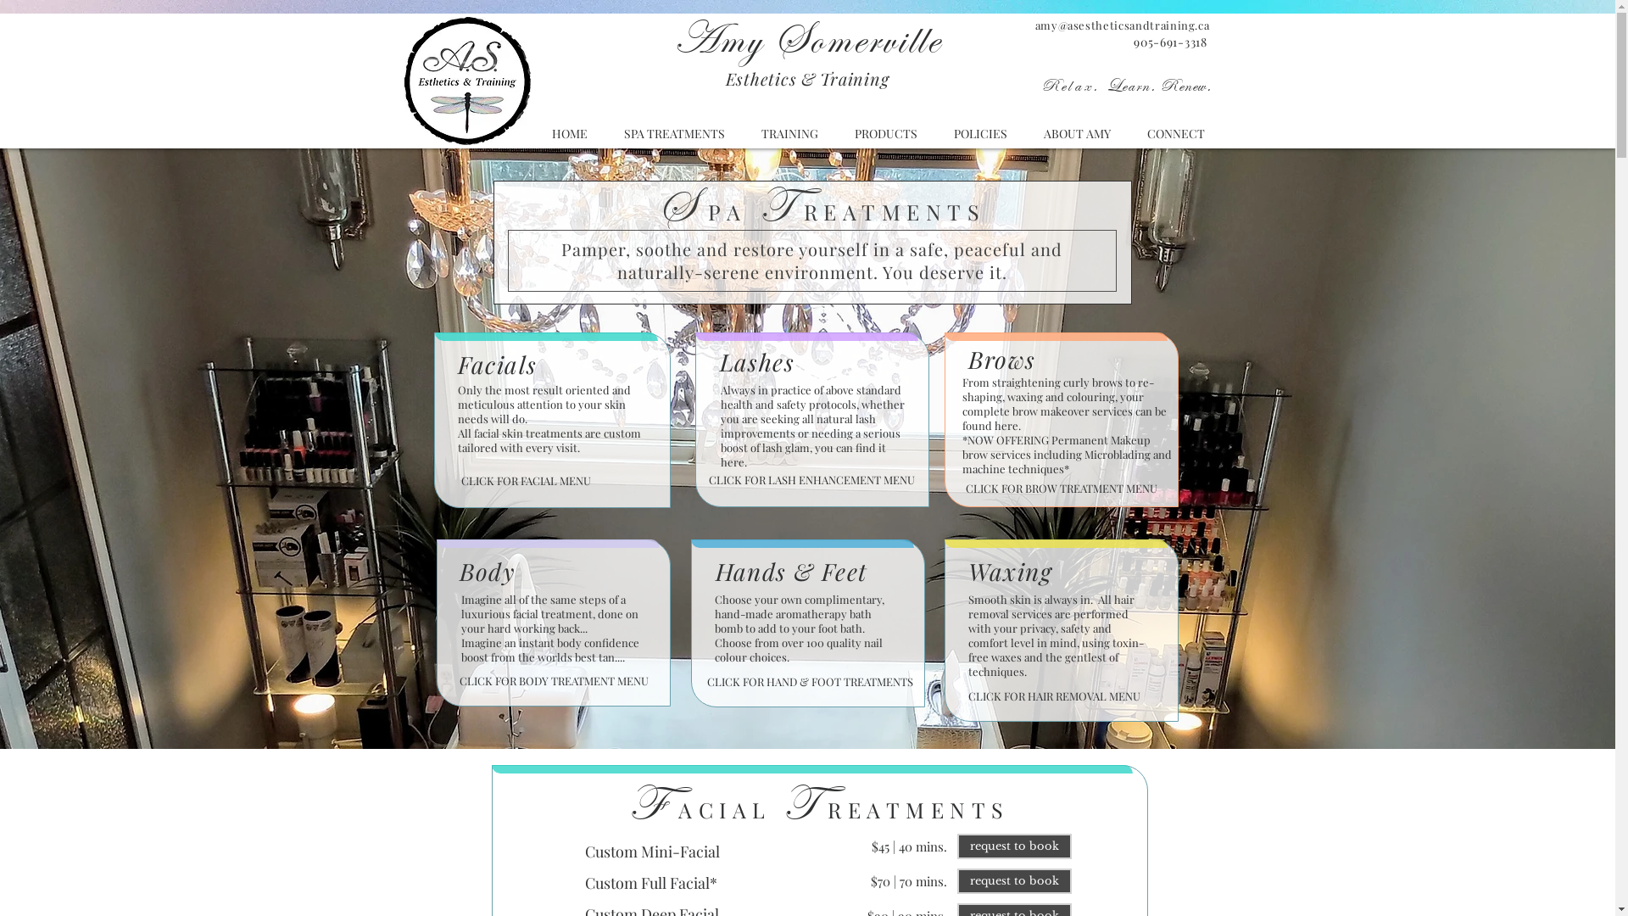 The width and height of the screenshot is (1628, 916). Describe the element at coordinates (1060, 489) in the screenshot. I see `'CLICK FOR BROW TREATMENT MENU'` at that location.